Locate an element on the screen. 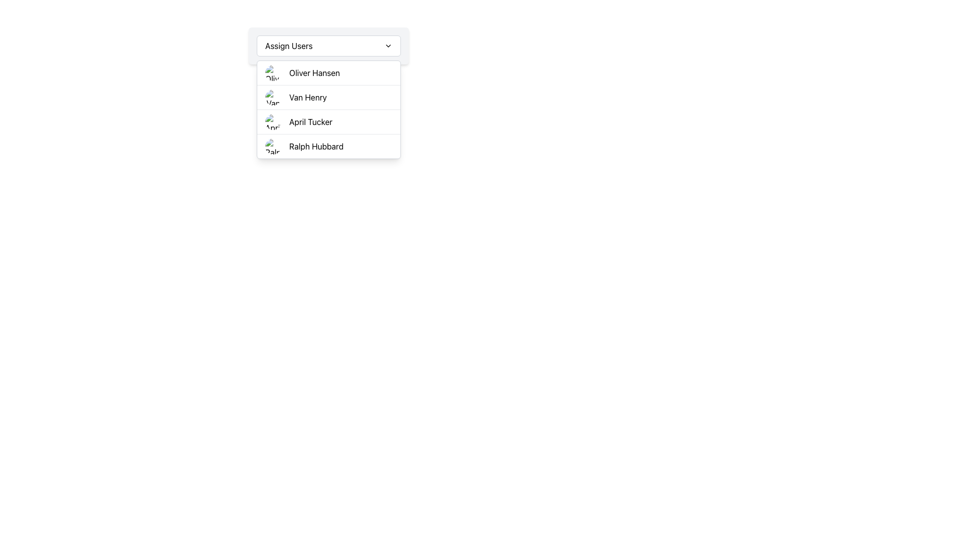 This screenshot has width=961, height=540. the text label 'Ralph Hubbard' in the dropdown menu is located at coordinates (316, 146).